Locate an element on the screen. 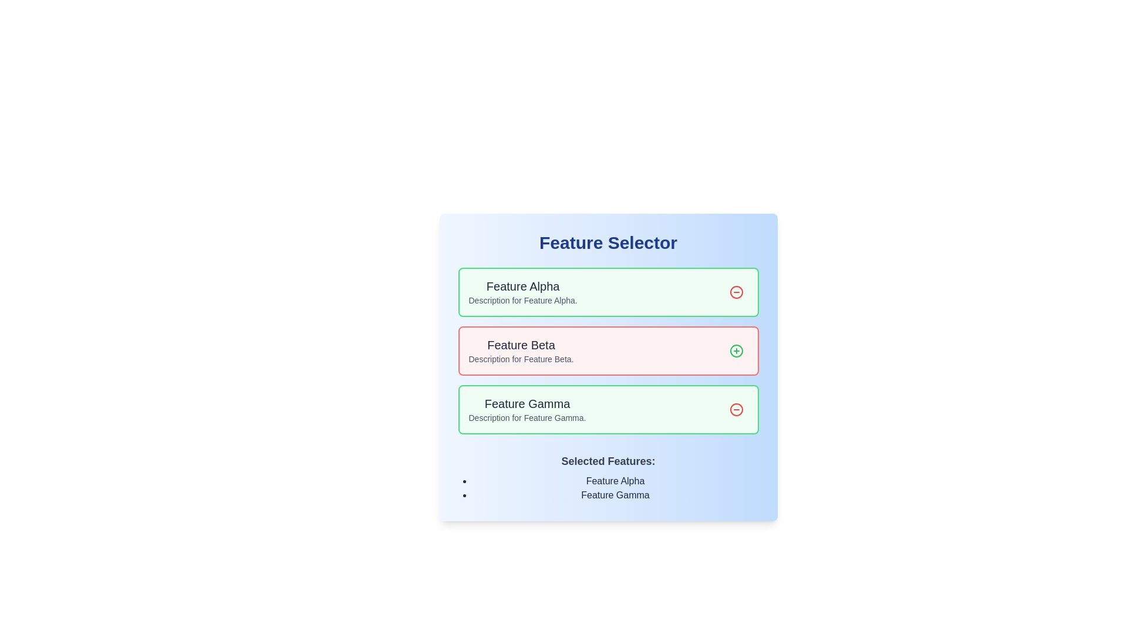 This screenshot has width=1127, height=634. the text element that reads 'Description for Feature Beta', which is styled in gray and located below the 'Feature Beta' heading is located at coordinates (521, 359).